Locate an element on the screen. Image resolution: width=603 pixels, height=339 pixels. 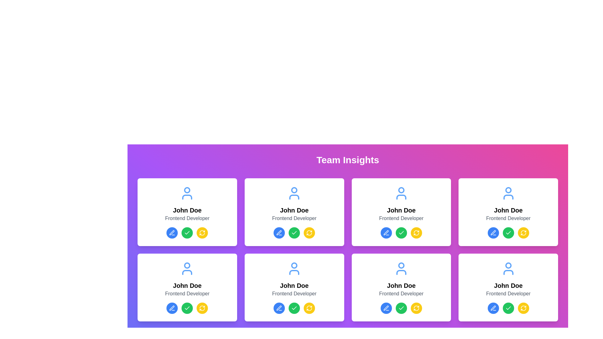
the middle circular confirmation button located under 'John Doe, Frontend Developer' in the 'Team Insights' card is located at coordinates (401, 233).